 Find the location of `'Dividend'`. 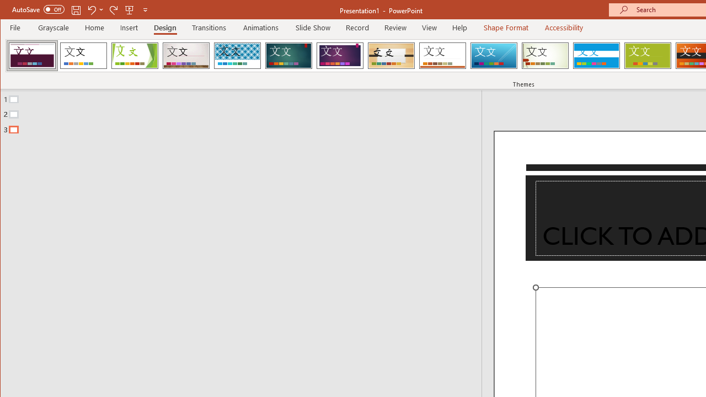

'Dividend' is located at coordinates (32, 55).